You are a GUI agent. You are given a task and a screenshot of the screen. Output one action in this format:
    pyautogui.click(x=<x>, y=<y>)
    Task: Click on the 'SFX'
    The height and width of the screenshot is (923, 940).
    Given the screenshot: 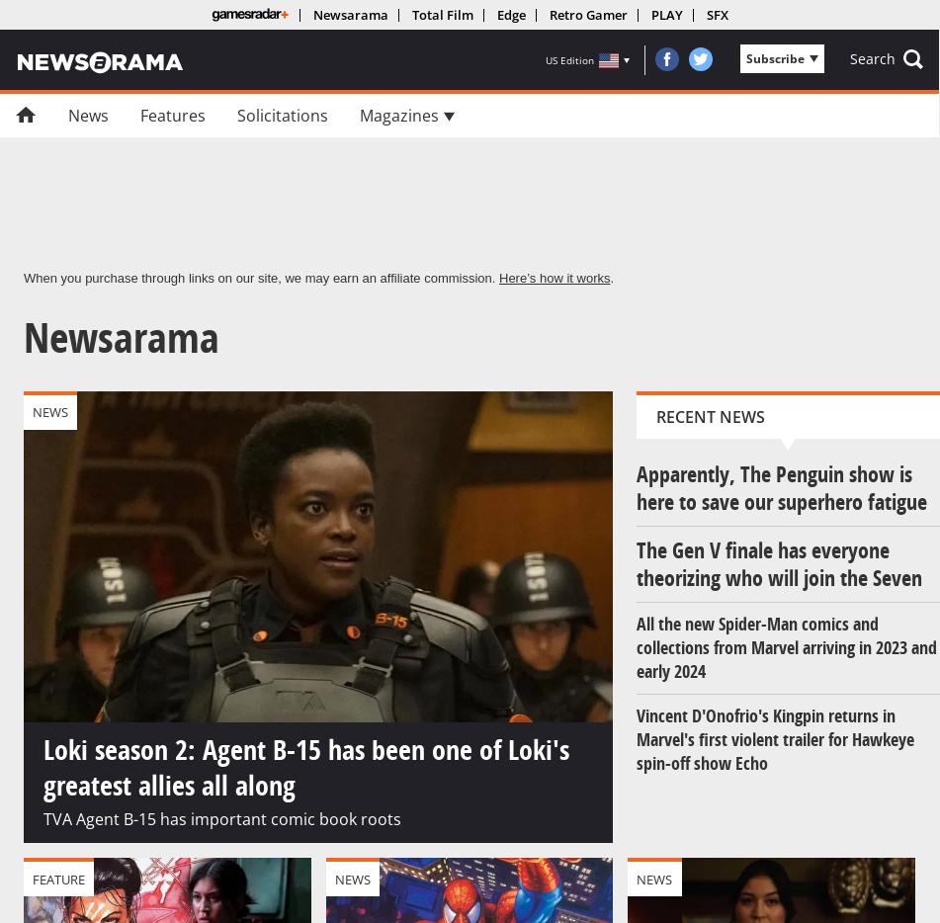 What is the action you would take?
    pyautogui.click(x=716, y=14)
    